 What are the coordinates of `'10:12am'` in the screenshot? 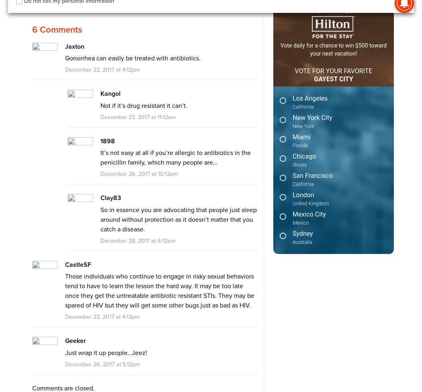 It's located at (166, 173).